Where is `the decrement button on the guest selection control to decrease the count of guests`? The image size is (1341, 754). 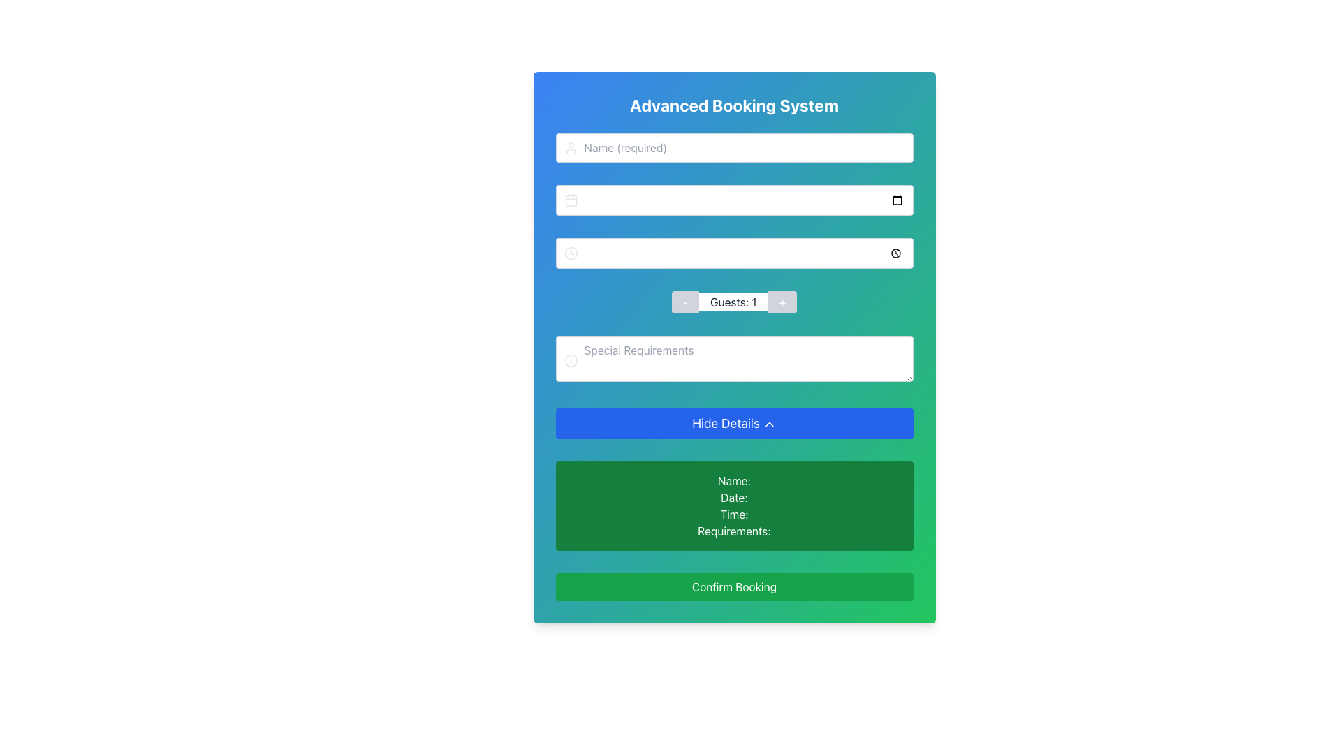
the decrement button on the guest selection control to decrease the count of guests is located at coordinates (733, 301).